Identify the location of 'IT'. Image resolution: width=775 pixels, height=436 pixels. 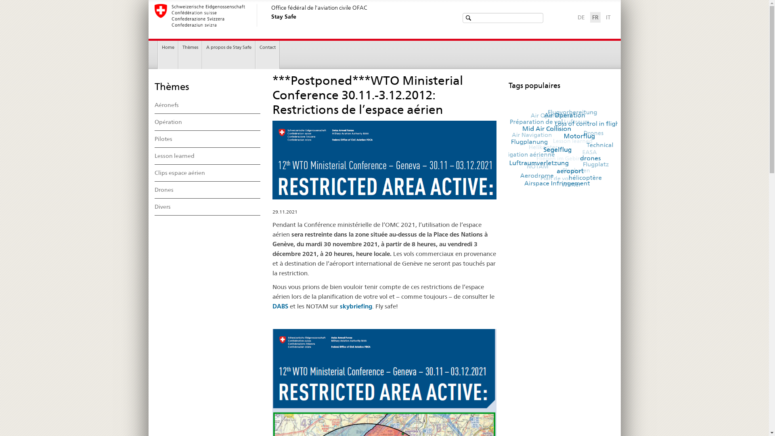
(605, 17).